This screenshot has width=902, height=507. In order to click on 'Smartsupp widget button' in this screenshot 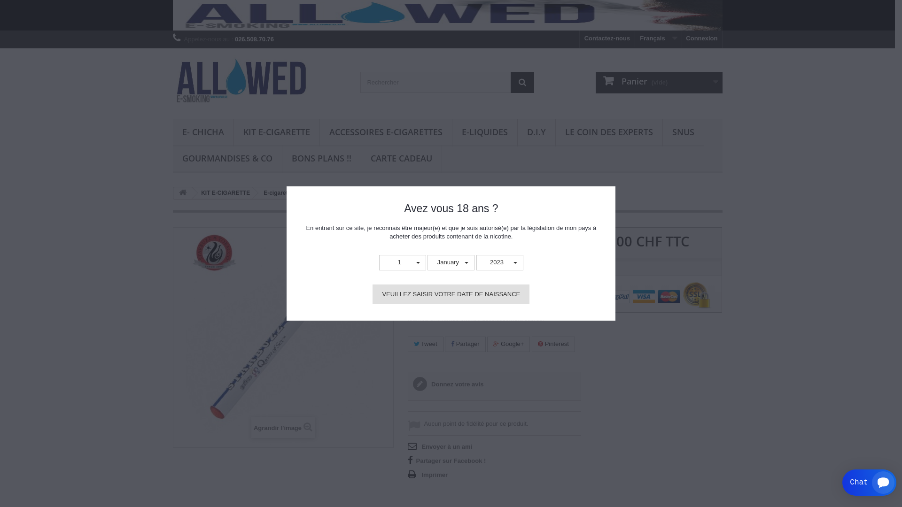, I will do `click(842, 483)`.